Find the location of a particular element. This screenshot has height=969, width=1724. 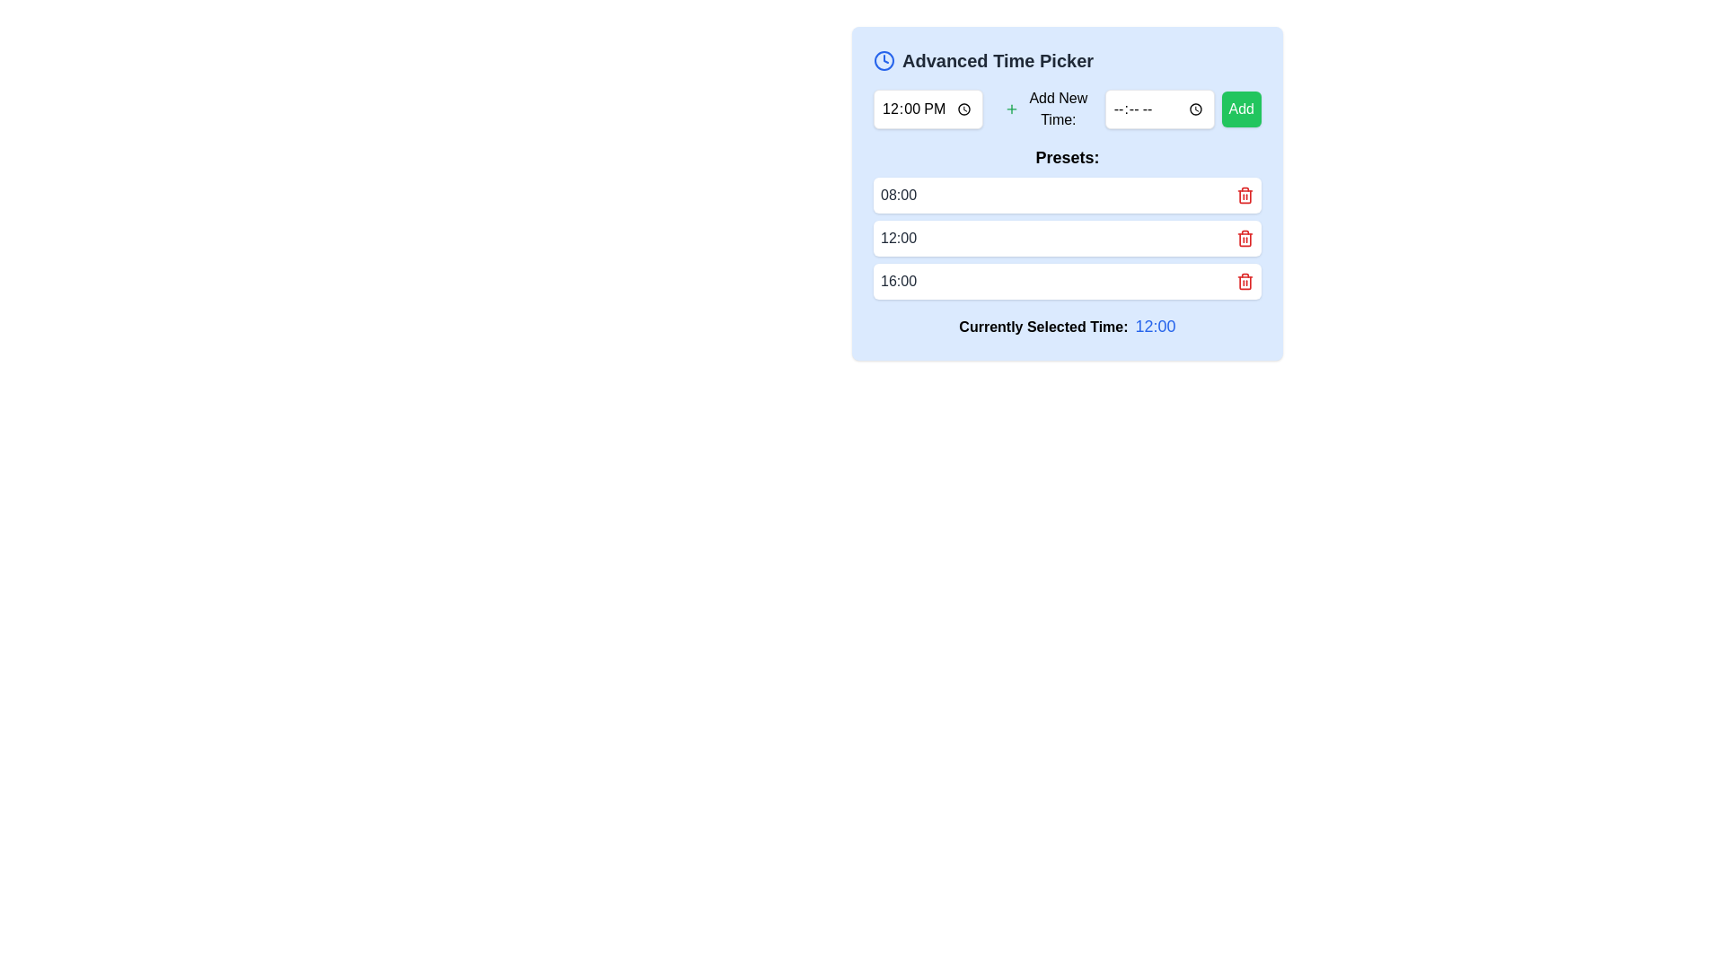

the Text Label that indicates the currently selected time, positioned to the left of the time display '12:00' is located at coordinates (1043, 327).